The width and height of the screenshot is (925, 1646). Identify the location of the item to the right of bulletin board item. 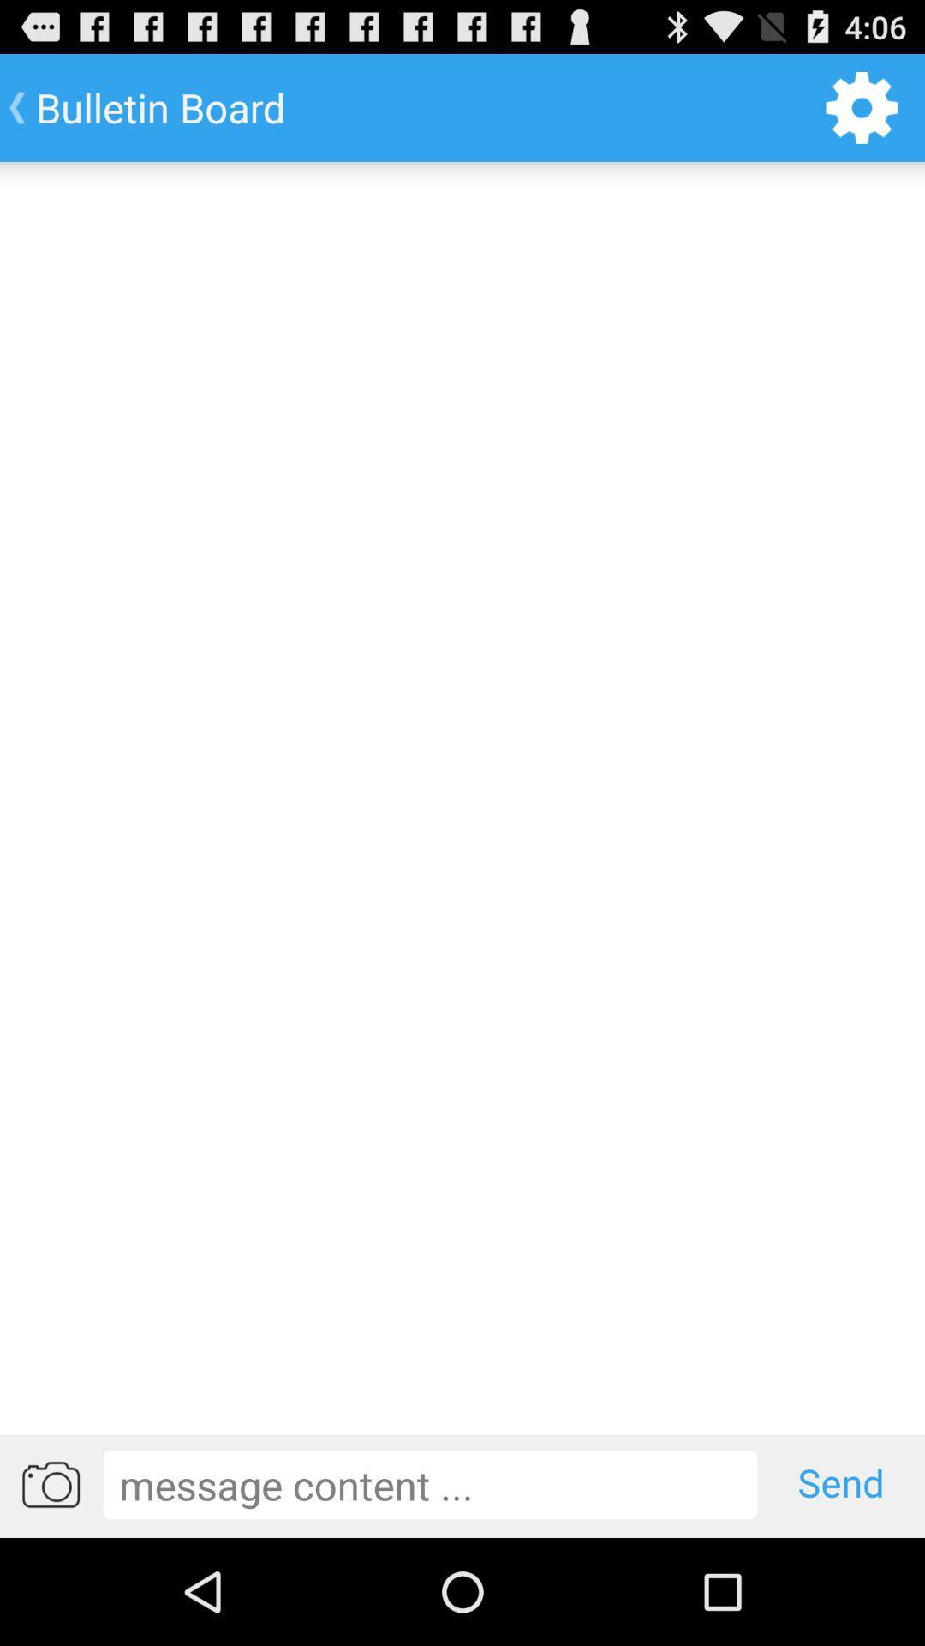
(862, 106).